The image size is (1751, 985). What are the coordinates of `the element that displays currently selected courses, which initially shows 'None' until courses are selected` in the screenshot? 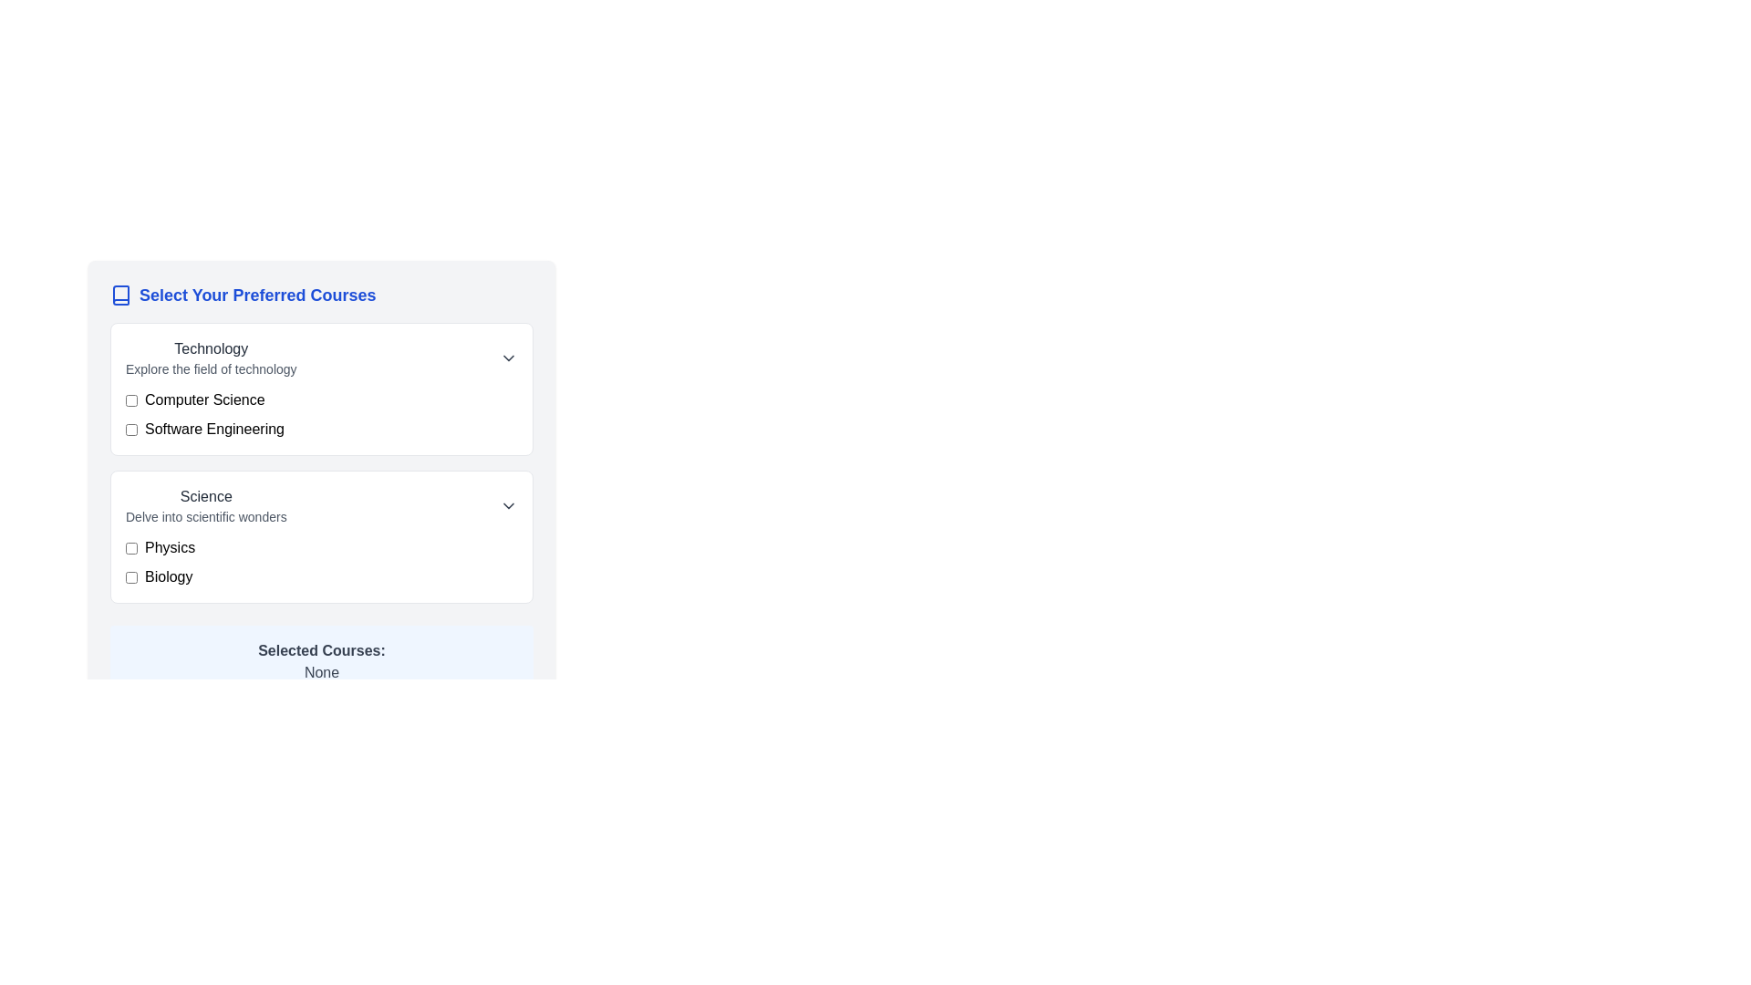 It's located at (322, 661).